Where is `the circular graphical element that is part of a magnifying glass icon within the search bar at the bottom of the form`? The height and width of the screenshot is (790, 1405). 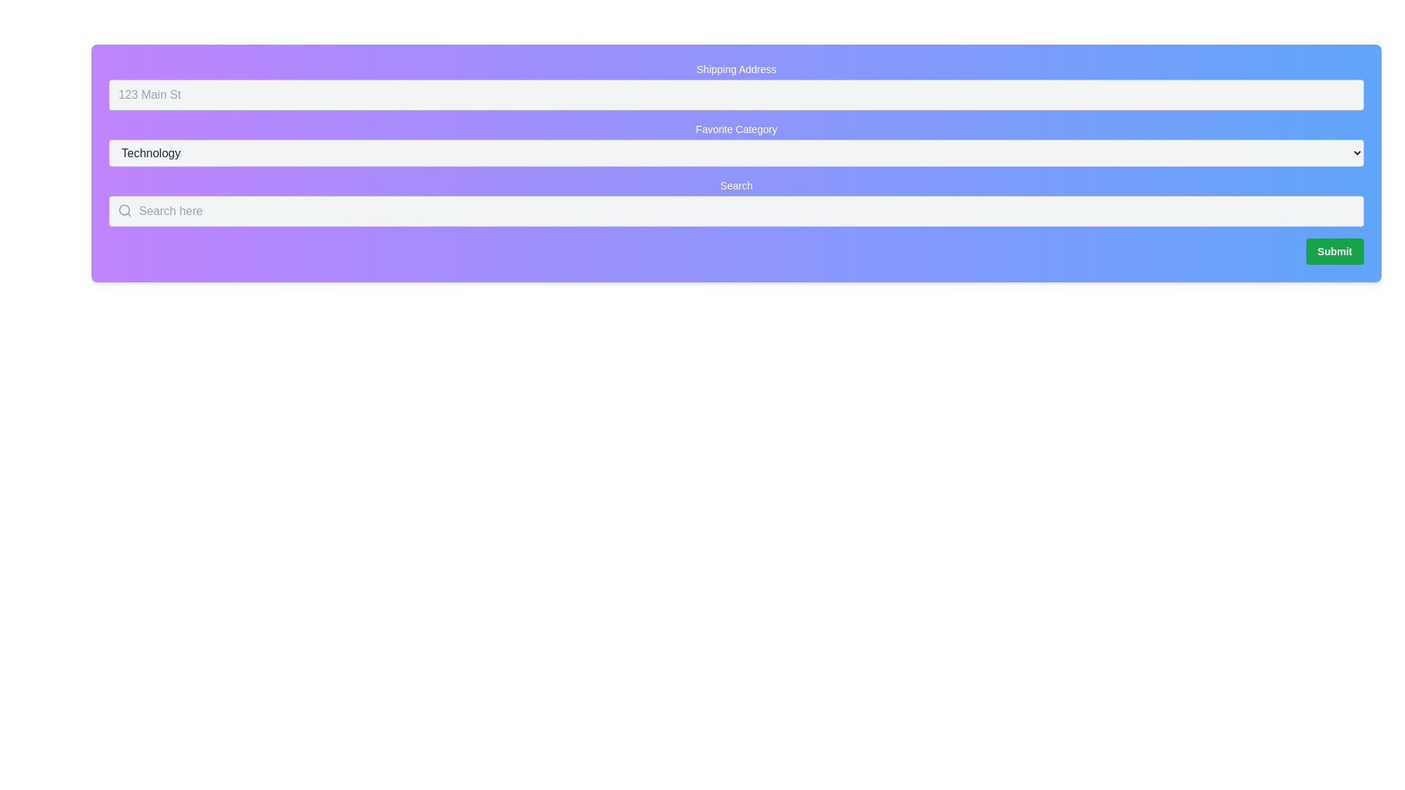 the circular graphical element that is part of a magnifying glass icon within the search bar at the bottom of the form is located at coordinates (124, 210).